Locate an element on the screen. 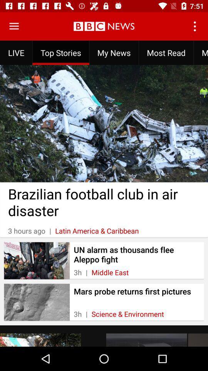 This screenshot has width=208, height=371. open menu is located at coordinates (14, 26).